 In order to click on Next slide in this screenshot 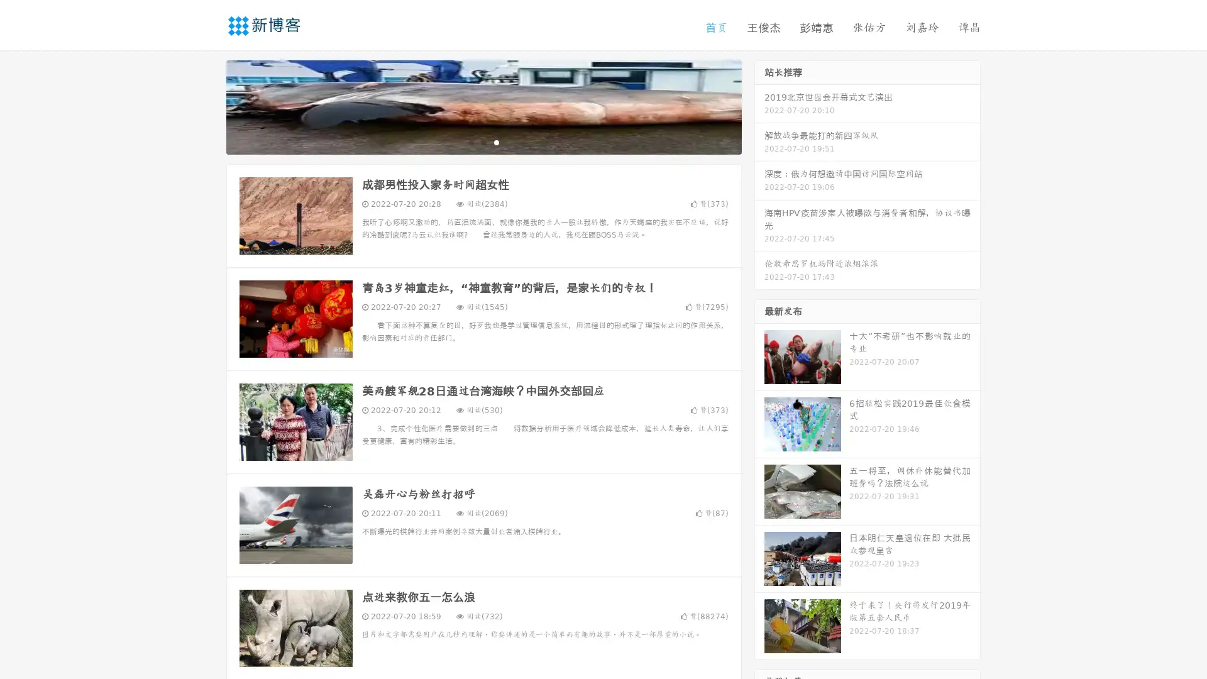, I will do `click(759, 106)`.